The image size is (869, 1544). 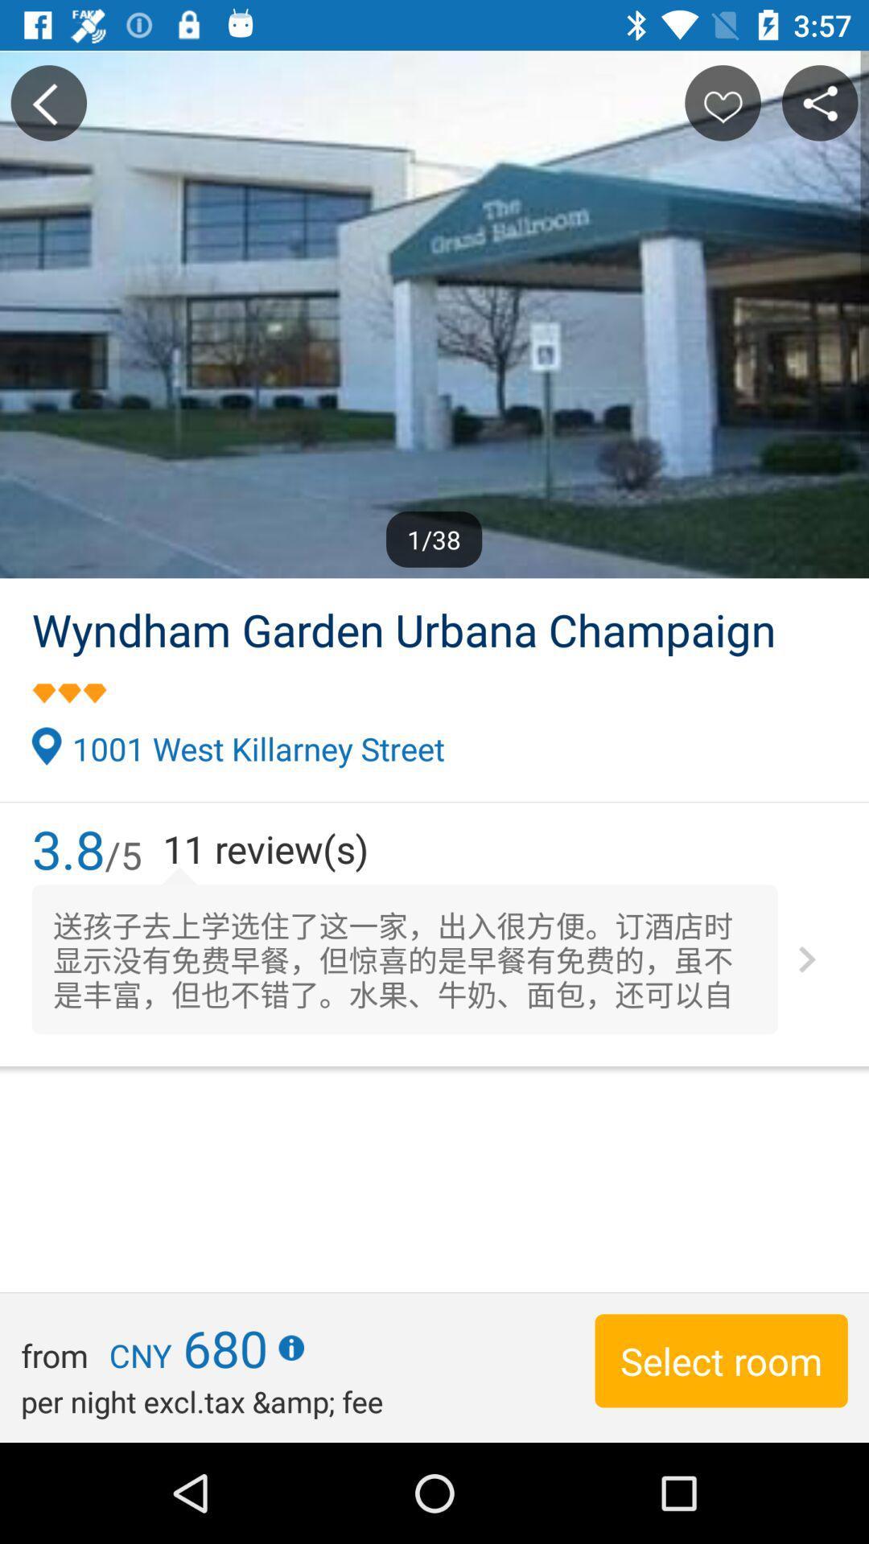 I want to click on the share icon, so click(x=820, y=102).